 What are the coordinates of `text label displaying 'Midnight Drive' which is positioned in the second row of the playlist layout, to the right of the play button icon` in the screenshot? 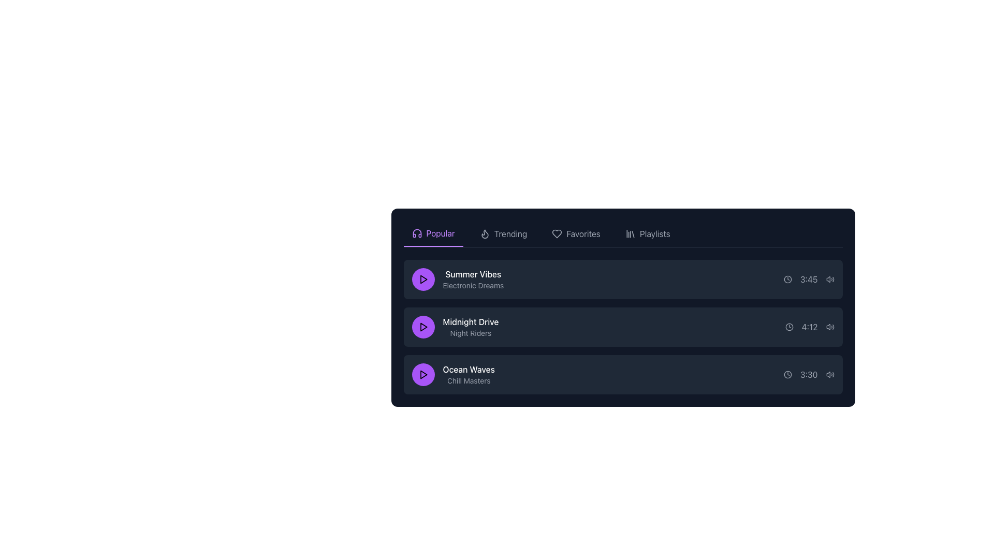 It's located at (470, 321).